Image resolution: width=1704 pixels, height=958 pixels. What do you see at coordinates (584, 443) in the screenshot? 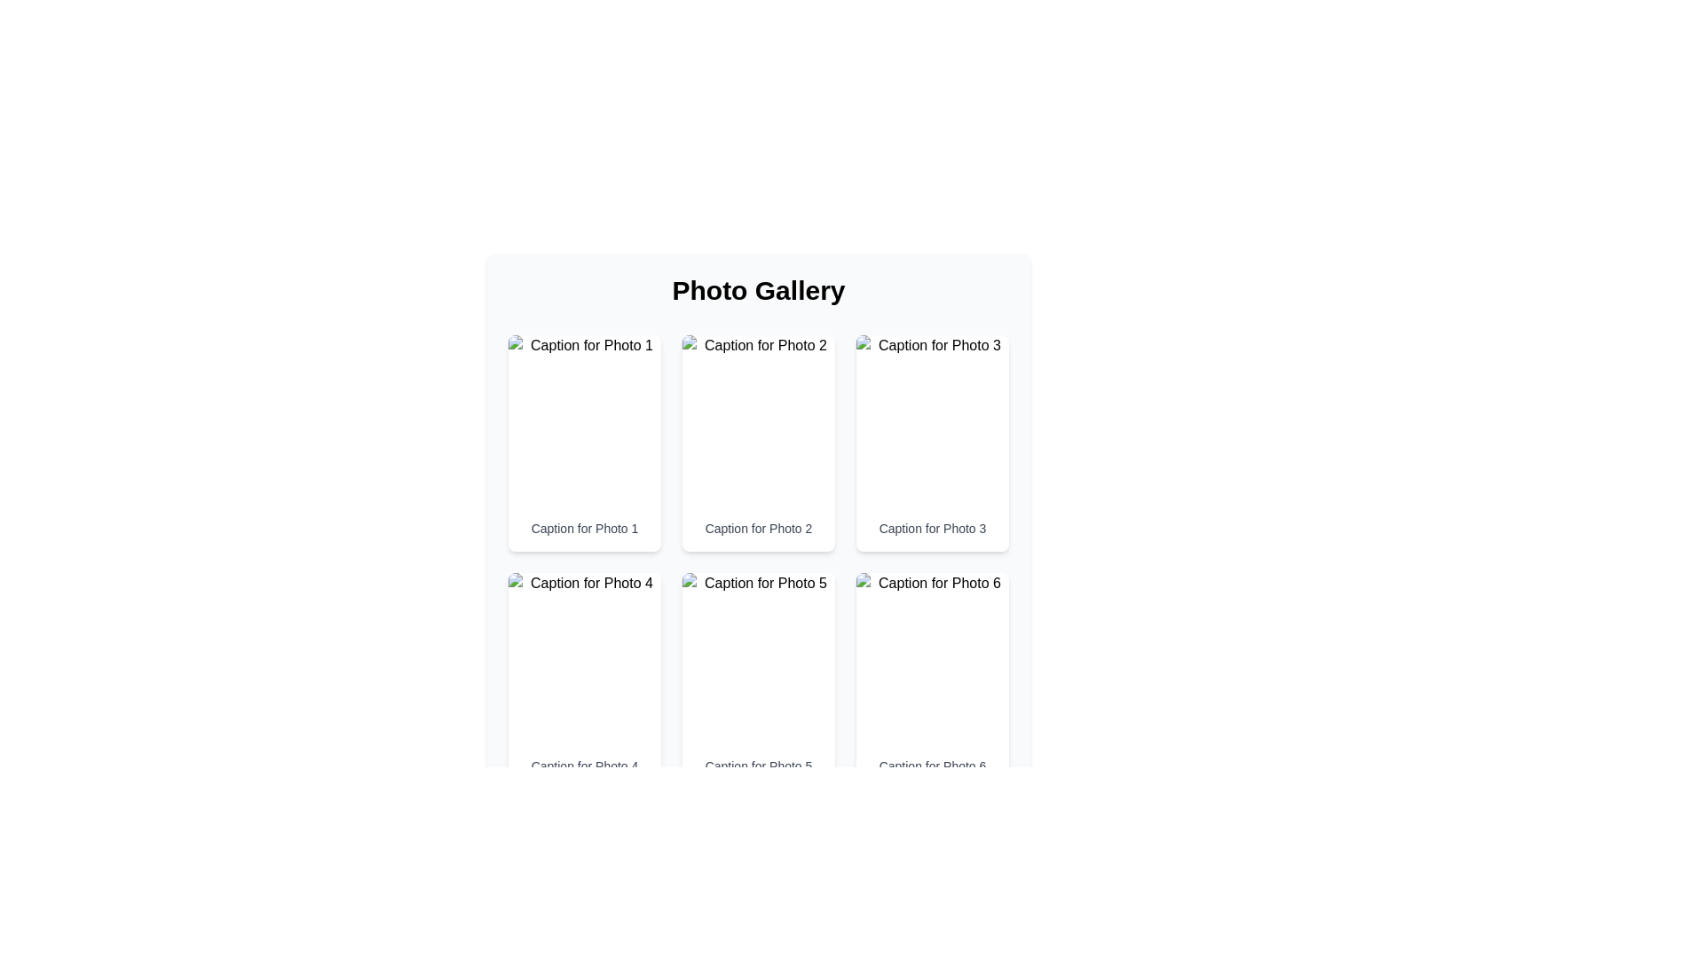
I see `the first card in the grid layout which has a white background and displays 'Caption for Photo 1'` at bounding box center [584, 443].